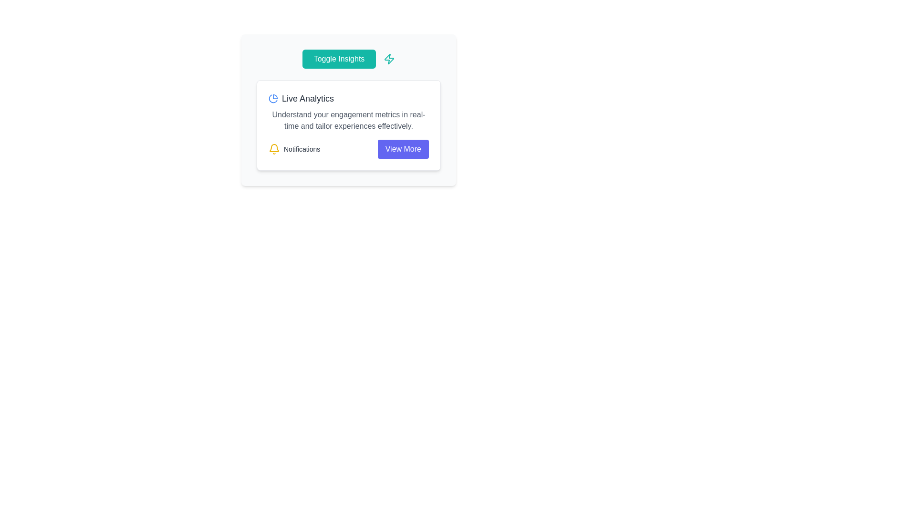 This screenshot has height=515, width=916. Describe the element at coordinates (403, 149) in the screenshot. I see `the 'View More' button with a purple background and white text located at the bottom-right corner of the 'Notifications' section` at that location.